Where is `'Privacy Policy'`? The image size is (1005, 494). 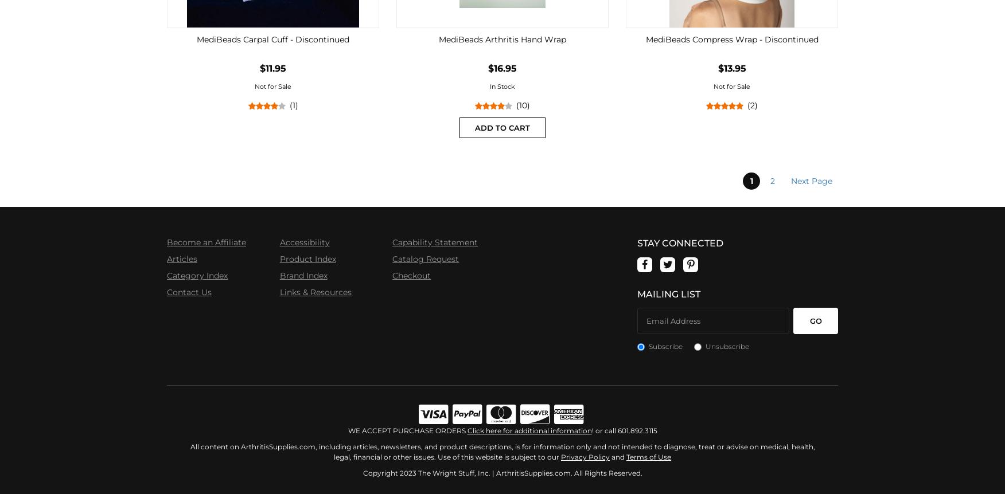 'Privacy Policy' is located at coordinates (585, 456).